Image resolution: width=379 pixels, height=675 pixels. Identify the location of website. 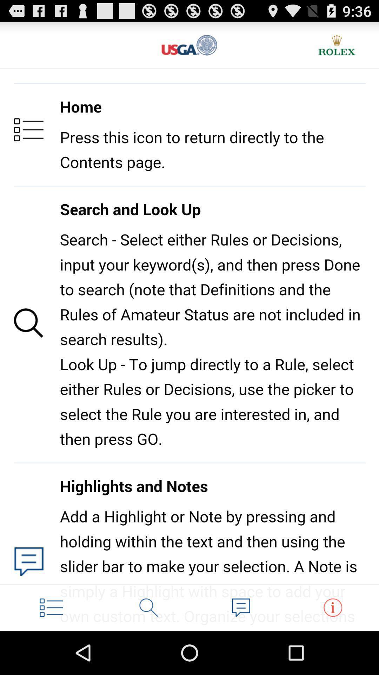
(189, 45).